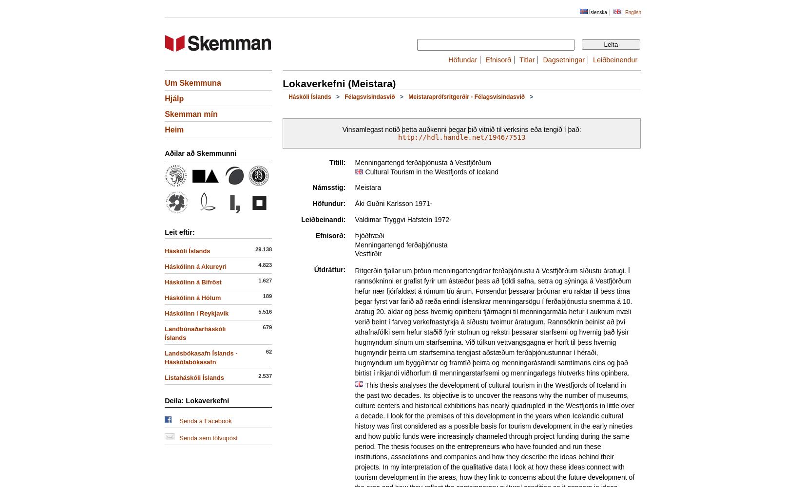 The height and width of the screenshot is (487, 804). I want to click on 'Félagsvísindasvið', so click(369, 96).